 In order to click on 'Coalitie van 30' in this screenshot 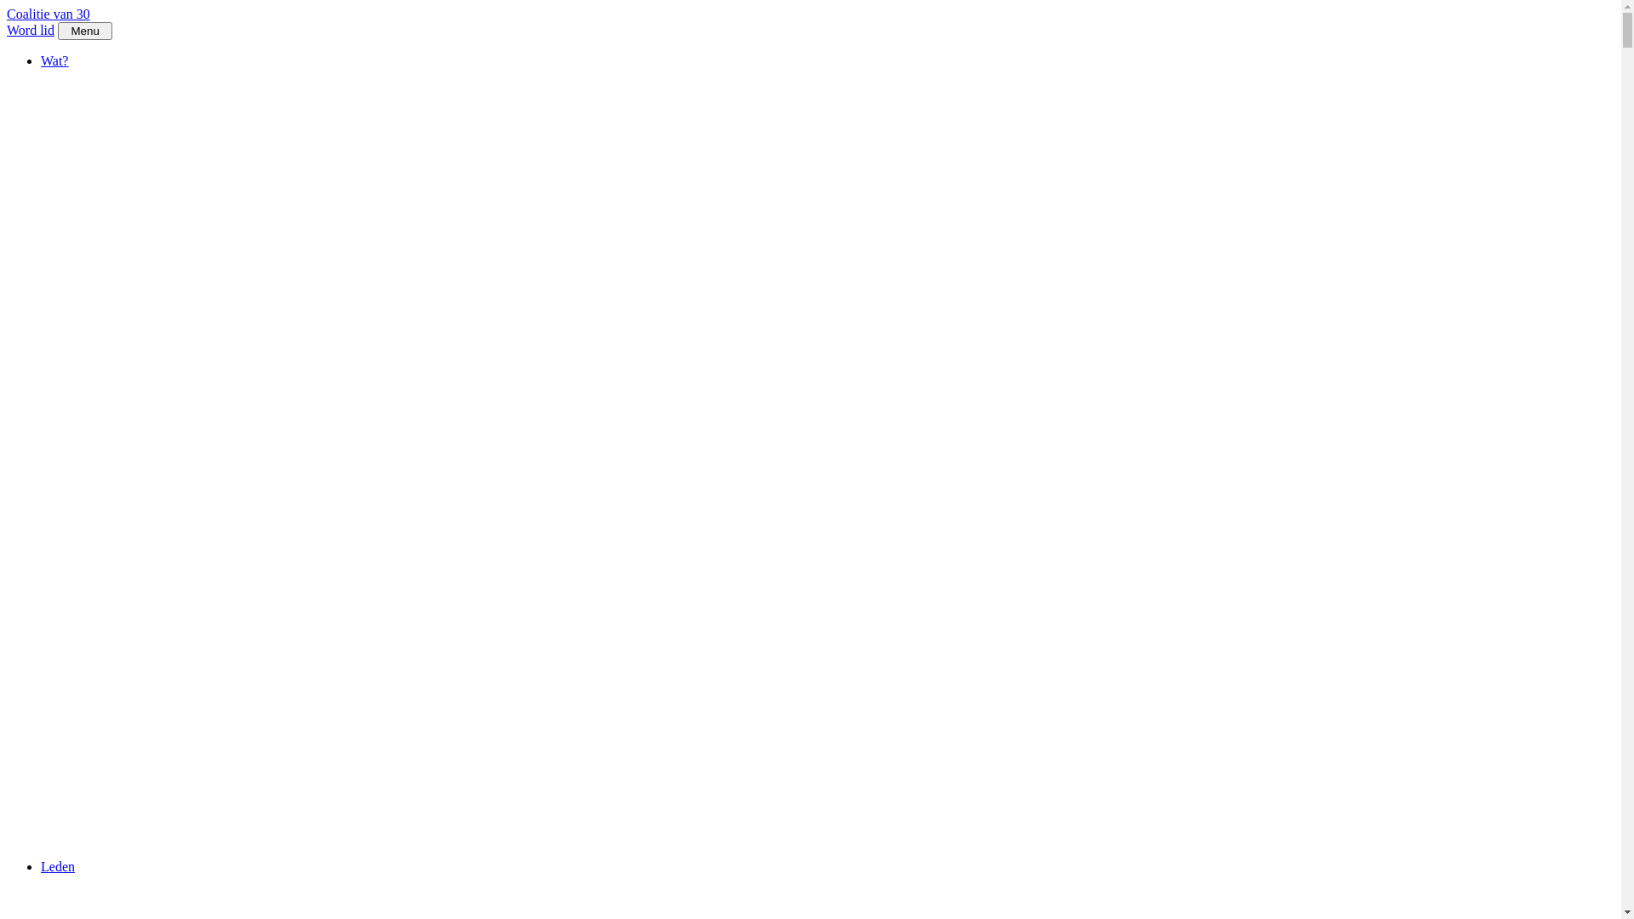, I will do `click(49, 14)`.